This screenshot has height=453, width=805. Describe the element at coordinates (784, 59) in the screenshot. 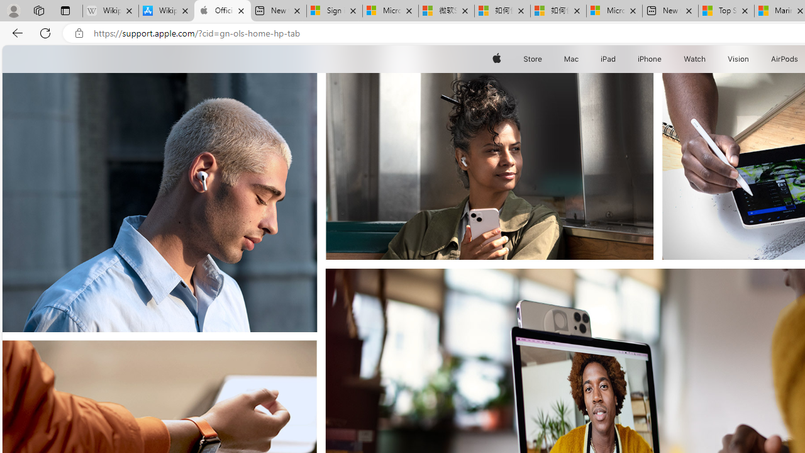

I see `'AirPods'` at that location.